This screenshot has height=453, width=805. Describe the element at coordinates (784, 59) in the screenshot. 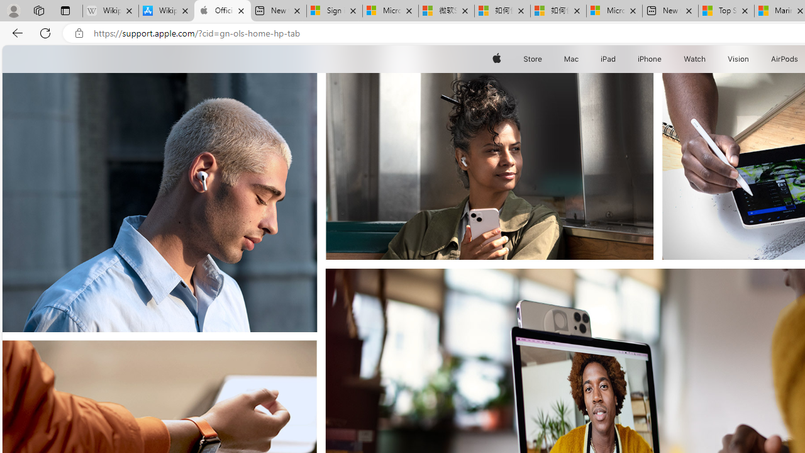

I see `'AirPods'` at that location.